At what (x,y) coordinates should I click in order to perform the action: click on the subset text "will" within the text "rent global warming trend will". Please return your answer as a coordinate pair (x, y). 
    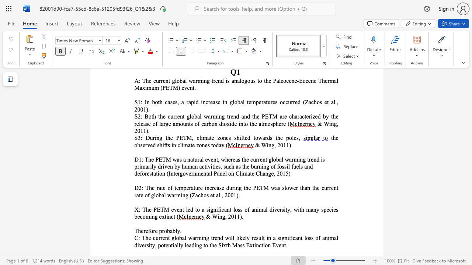
    Looking at the image, I should click on (225, 238).